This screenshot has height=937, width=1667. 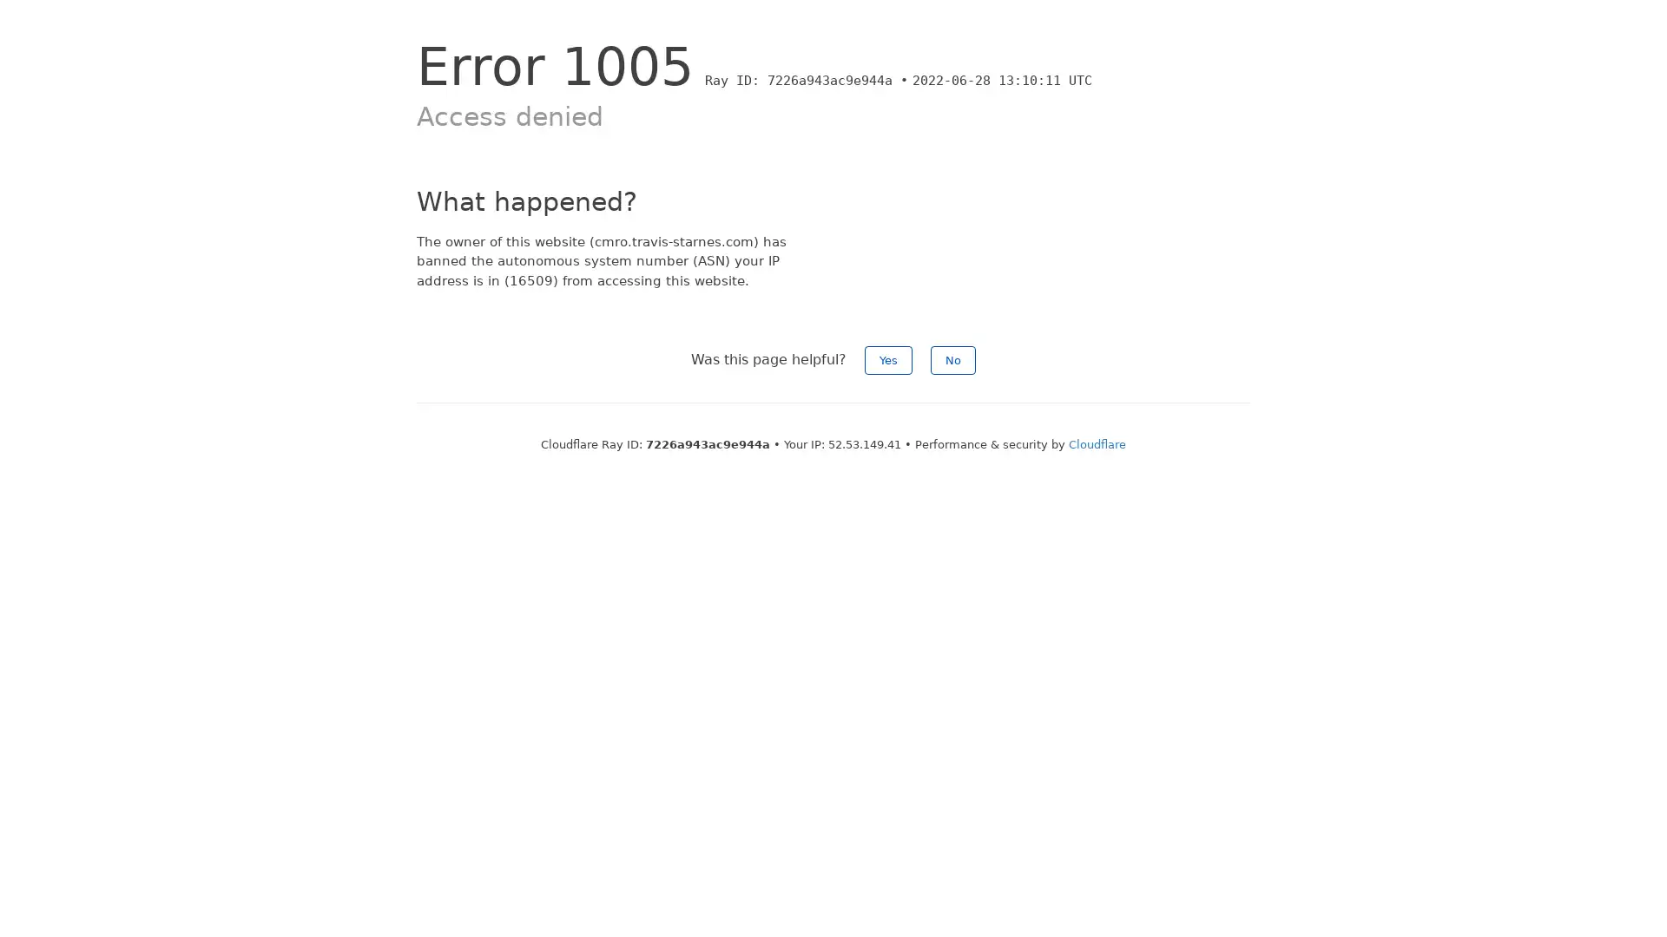 I want to click on Yes, so click(x=888, y=359).